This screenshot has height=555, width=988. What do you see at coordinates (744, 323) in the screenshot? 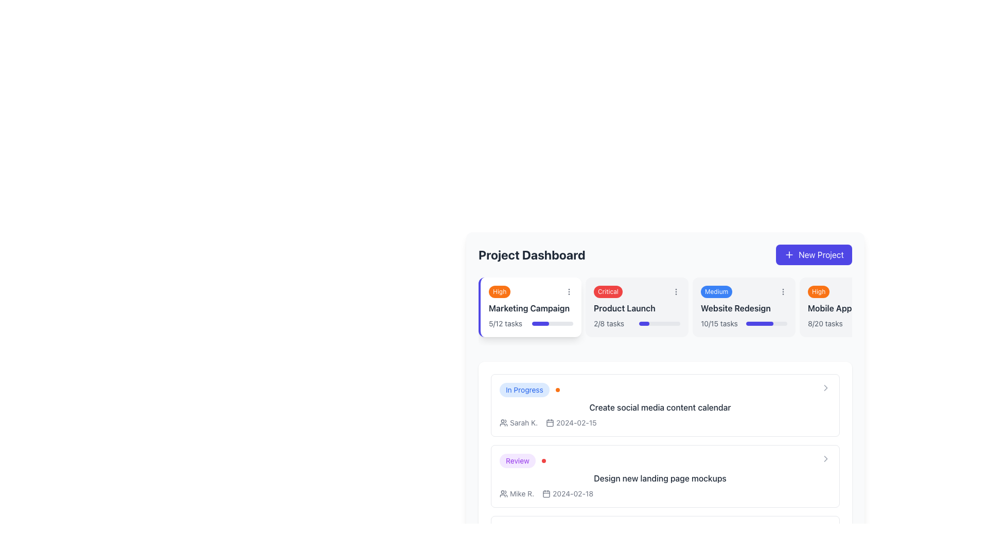
I see `text displayed on the Progress indicator located at the bottom-right section of the 'Website Redesign' card, which shows the completed and total tasks` at bounding box center [744, 323].